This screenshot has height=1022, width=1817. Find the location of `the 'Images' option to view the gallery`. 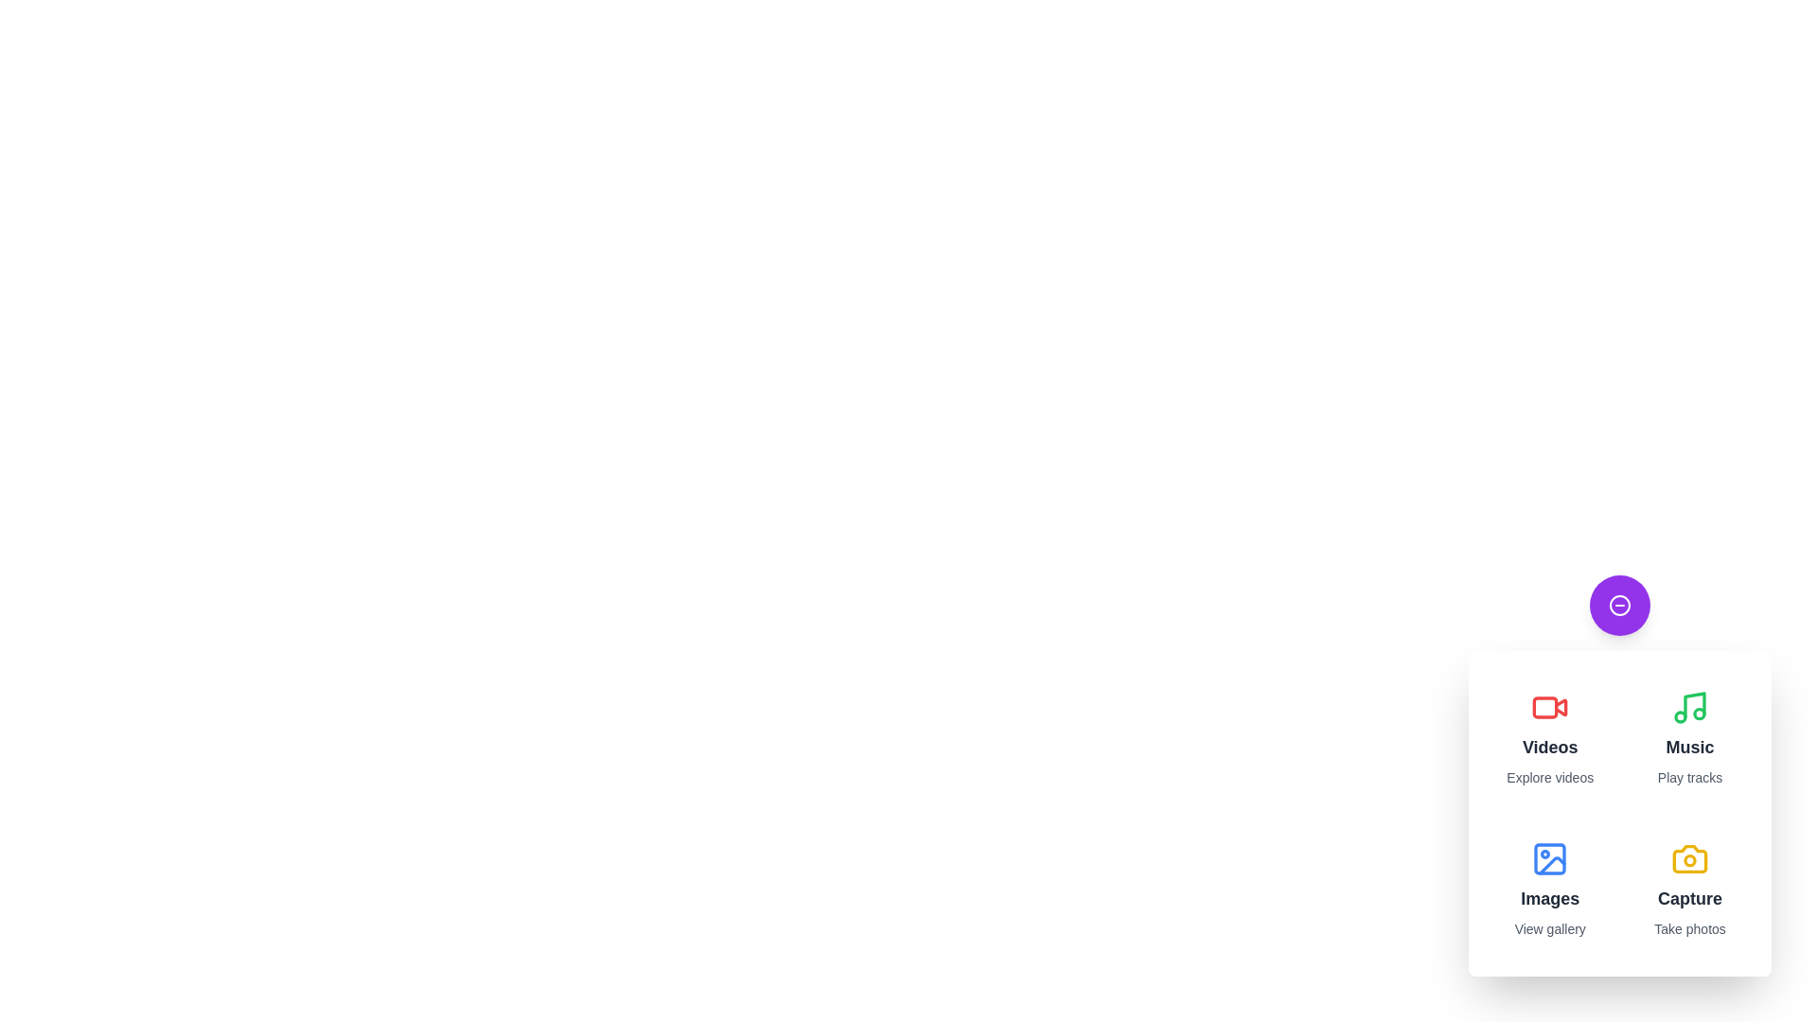

the 'Images' option to view the gallery is located at coordinates (1549, 890).